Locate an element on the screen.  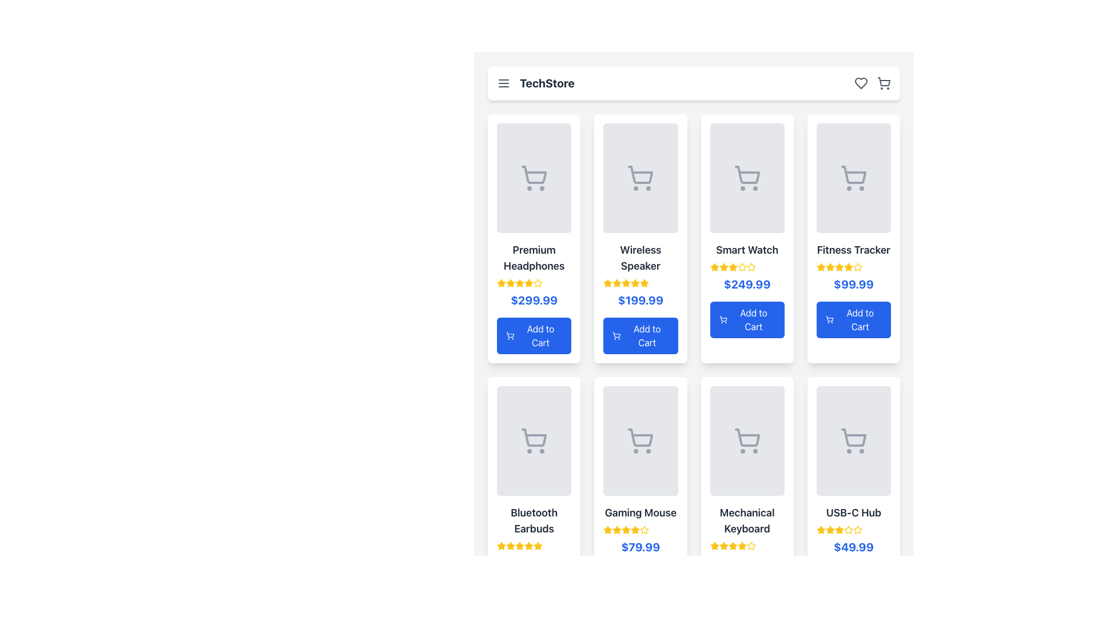
text label displaying the price '$299.99' in bold blue font located within the 'Premium Headphones' card, positioned below the star rating and above the 'Add to Cart' button is located at coordinates (534, 299).